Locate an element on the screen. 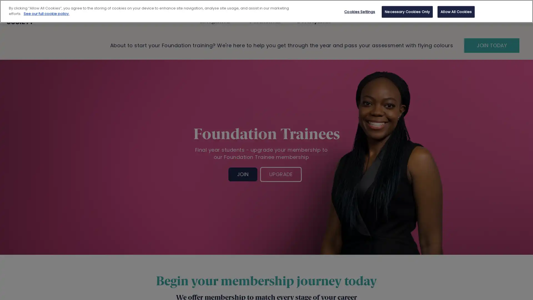 The image size is (533, 300). Cookies Settings is located at coordinates (359, 12).